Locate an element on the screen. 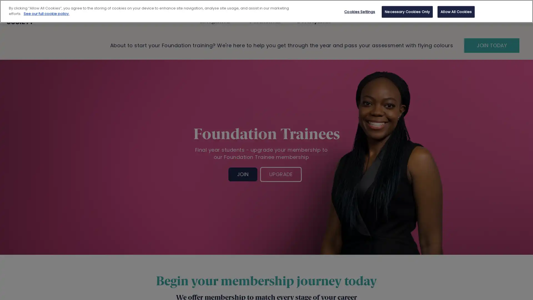 The image size is (533, 300). Cookies Settings is located at coordinates (359, 12).